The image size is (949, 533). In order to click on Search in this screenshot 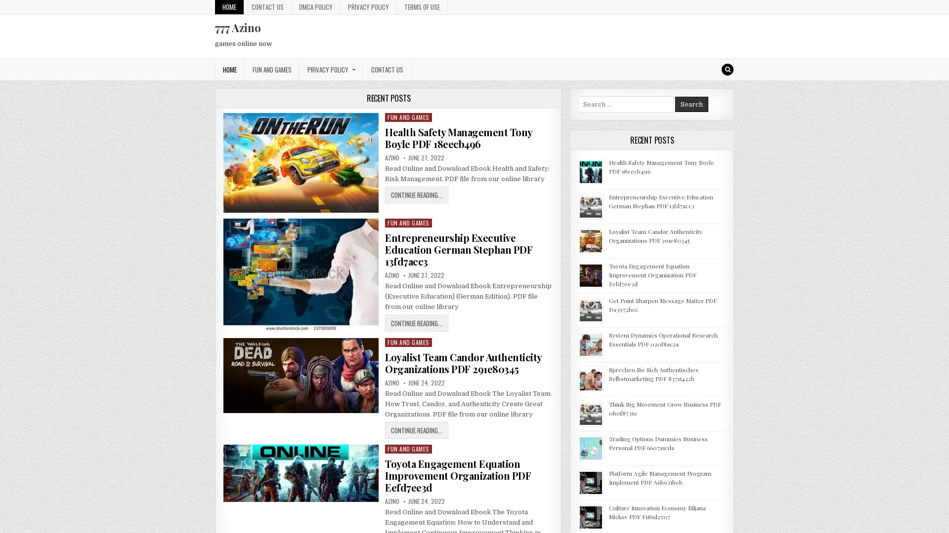, I will do `click(691, 104)`.